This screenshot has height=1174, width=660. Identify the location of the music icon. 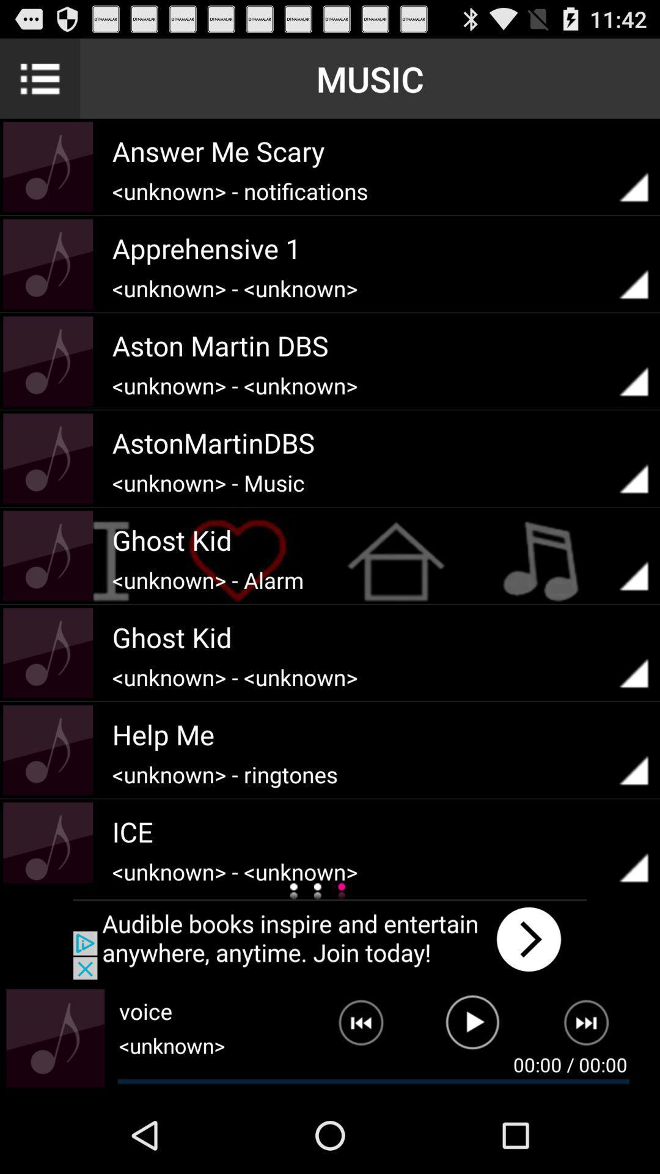
(55, 1111).